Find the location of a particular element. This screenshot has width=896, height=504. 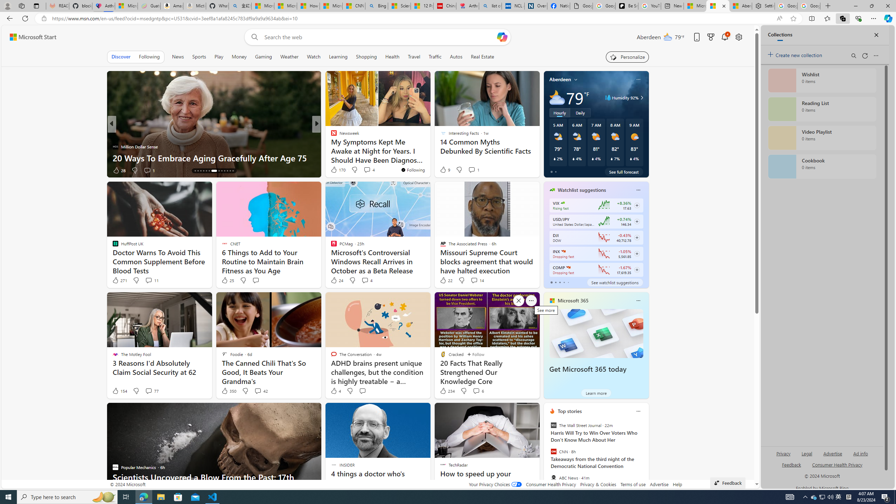

'View comments 77 Comment' is located at coordinates (148, 391).